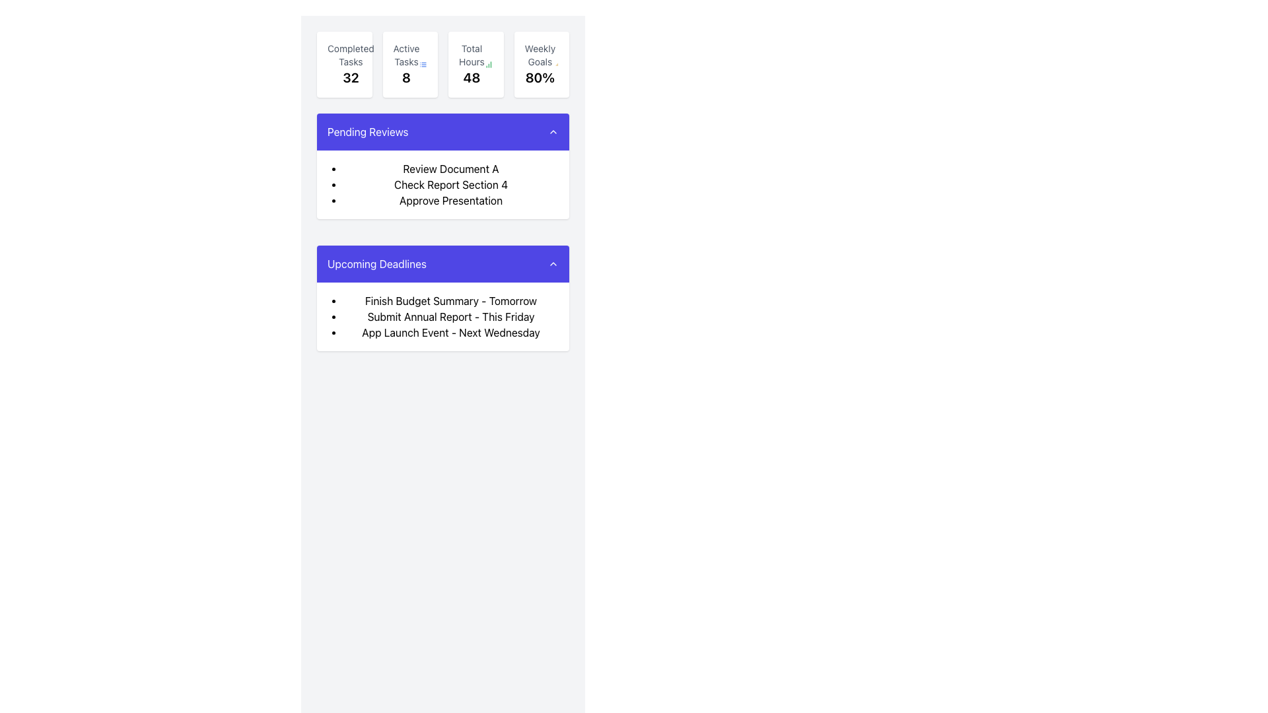 The image size is (1268, 713). I want to click on the Informational card labeled 'Weekly Goals' located at the upper right of the grid layout, so click(542, 64).